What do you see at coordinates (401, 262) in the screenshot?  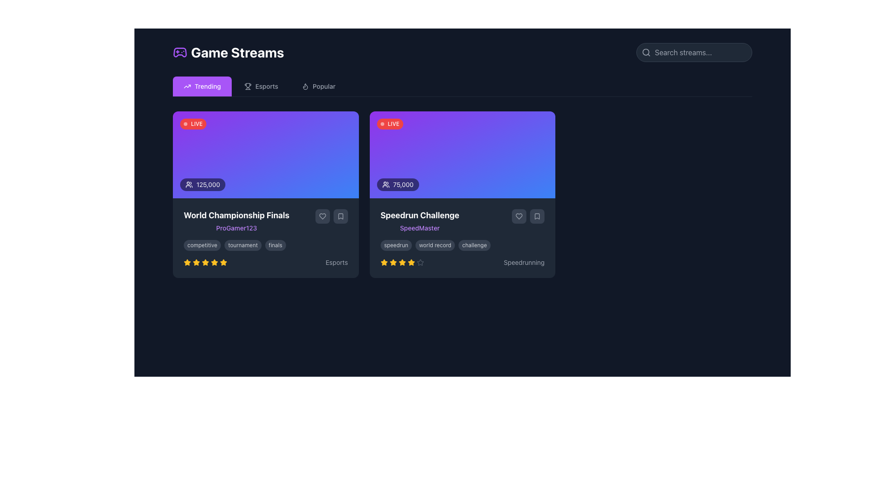 I see `the third star icon in the visual rating system located below the 'Speedrun Challenge' section of the streaming event card` at bounding box center [401, 262].